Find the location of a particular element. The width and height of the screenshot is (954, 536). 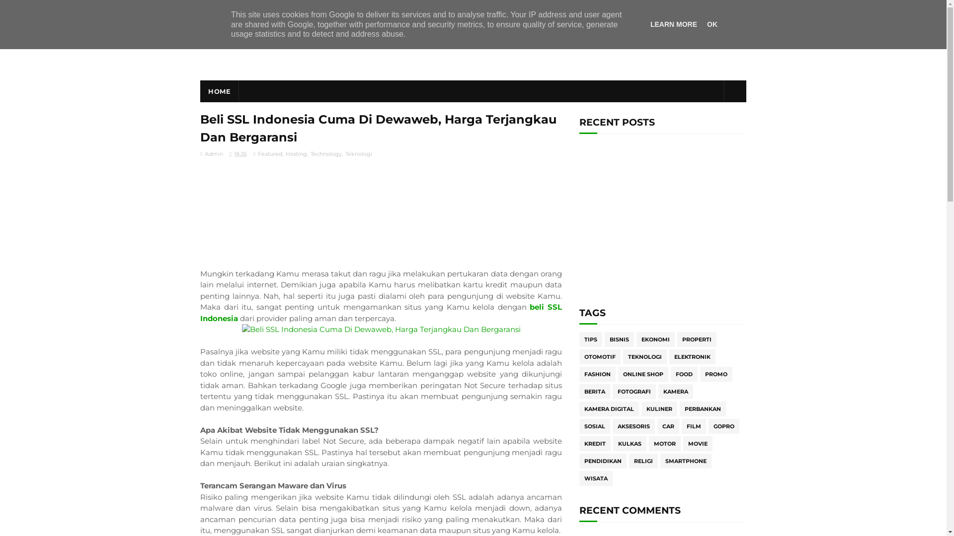

'FOTOGRAFI' is located at coordinates (634, 391).